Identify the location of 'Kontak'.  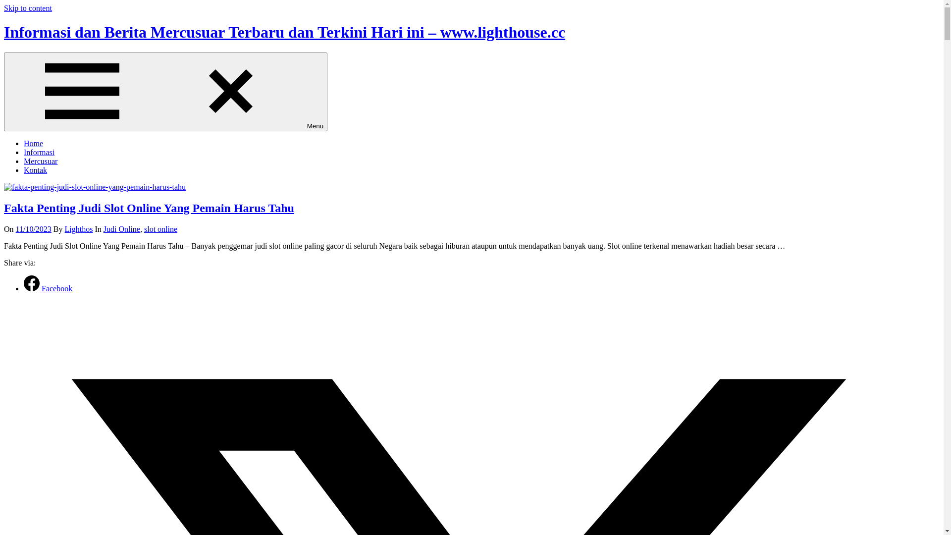
(35, 169).